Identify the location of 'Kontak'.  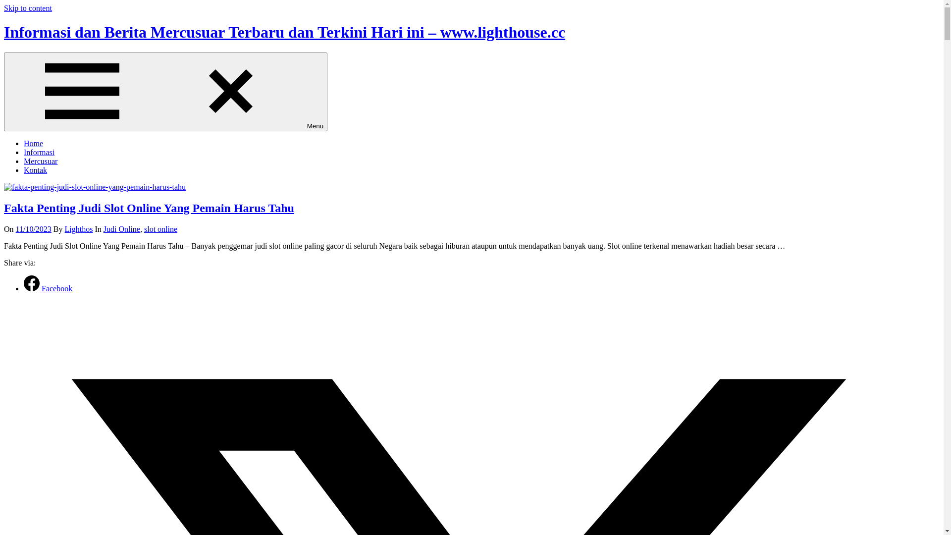
(35, 169).